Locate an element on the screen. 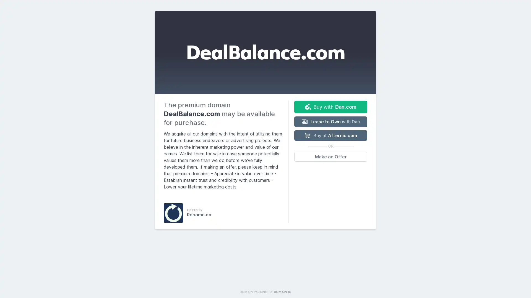 This screenshot has height=298, width=531. Make an Offer is located at coordinates (330, 156).